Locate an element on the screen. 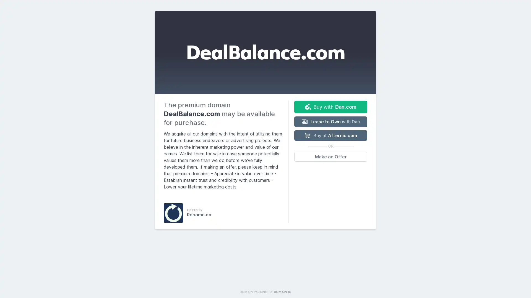 This screenshot has height=298, width=531. Make an Offer is located at coordinates (330, 156).